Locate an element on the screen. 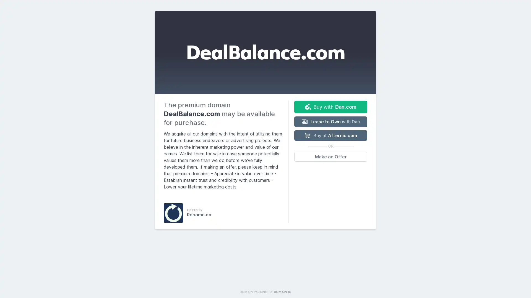 This screenshot has height=298, width=531. Make an Offer is located at coordinates (330, 156).